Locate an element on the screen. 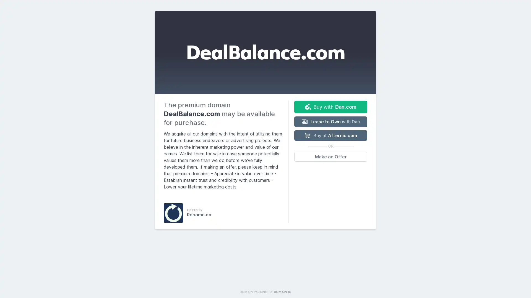 This screenshot has height=298, width=531. Make an Offer is located at coordinates (330, 156).